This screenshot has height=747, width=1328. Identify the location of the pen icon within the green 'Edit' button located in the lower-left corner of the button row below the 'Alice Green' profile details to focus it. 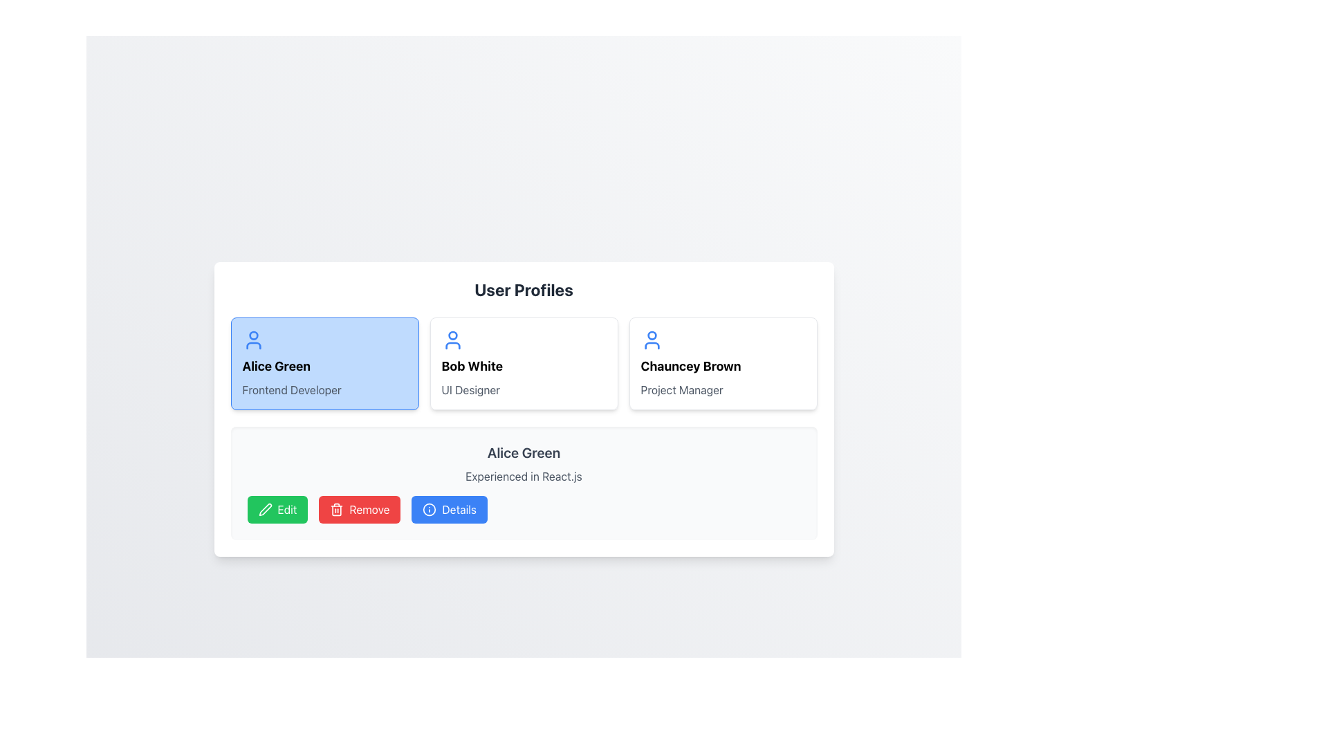
(265, 509).